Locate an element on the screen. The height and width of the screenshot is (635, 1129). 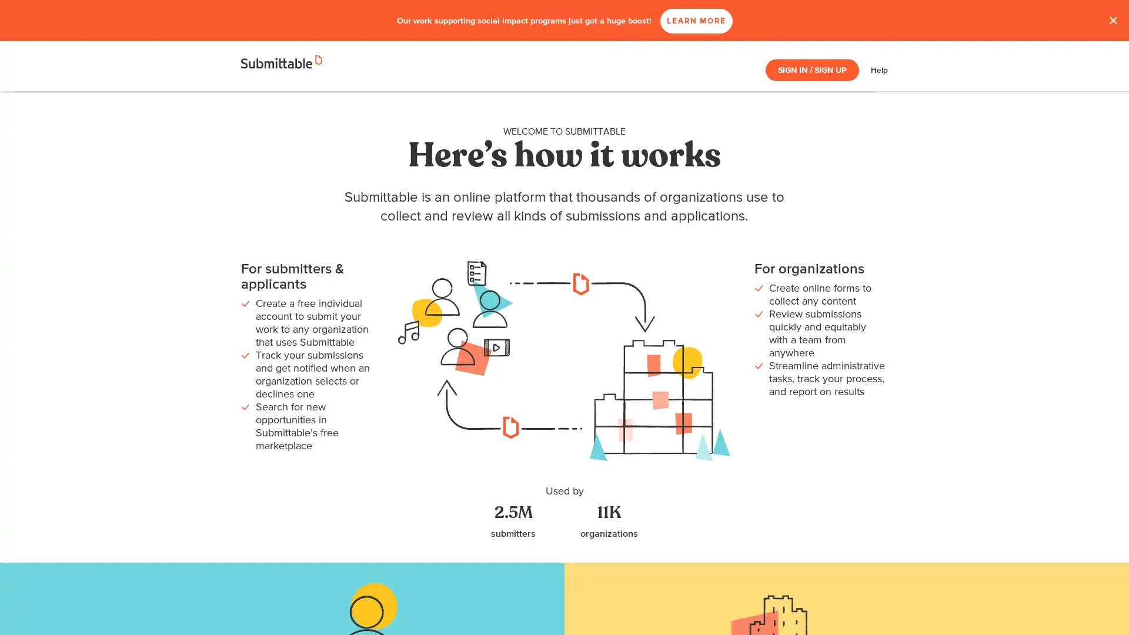
LEARN MORE is located at coordinates (730, 21).